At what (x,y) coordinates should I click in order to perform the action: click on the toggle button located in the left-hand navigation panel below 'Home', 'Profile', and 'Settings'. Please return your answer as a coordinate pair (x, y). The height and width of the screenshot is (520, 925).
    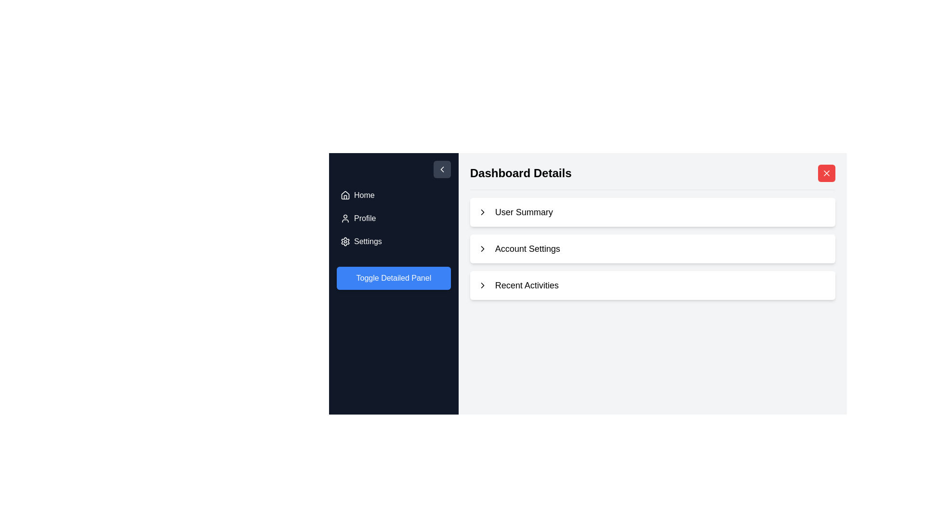
    Looking at the image, I should click on (394, 278).